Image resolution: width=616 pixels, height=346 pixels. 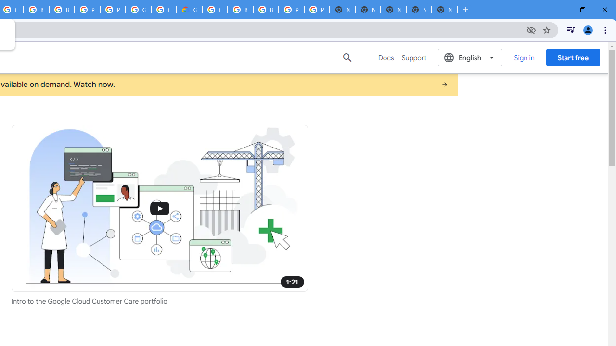 What do you see at coordinates (138, 10) in the screenshot?
I see `'Google Cloud Platform'` at bounding box center [138, 10].